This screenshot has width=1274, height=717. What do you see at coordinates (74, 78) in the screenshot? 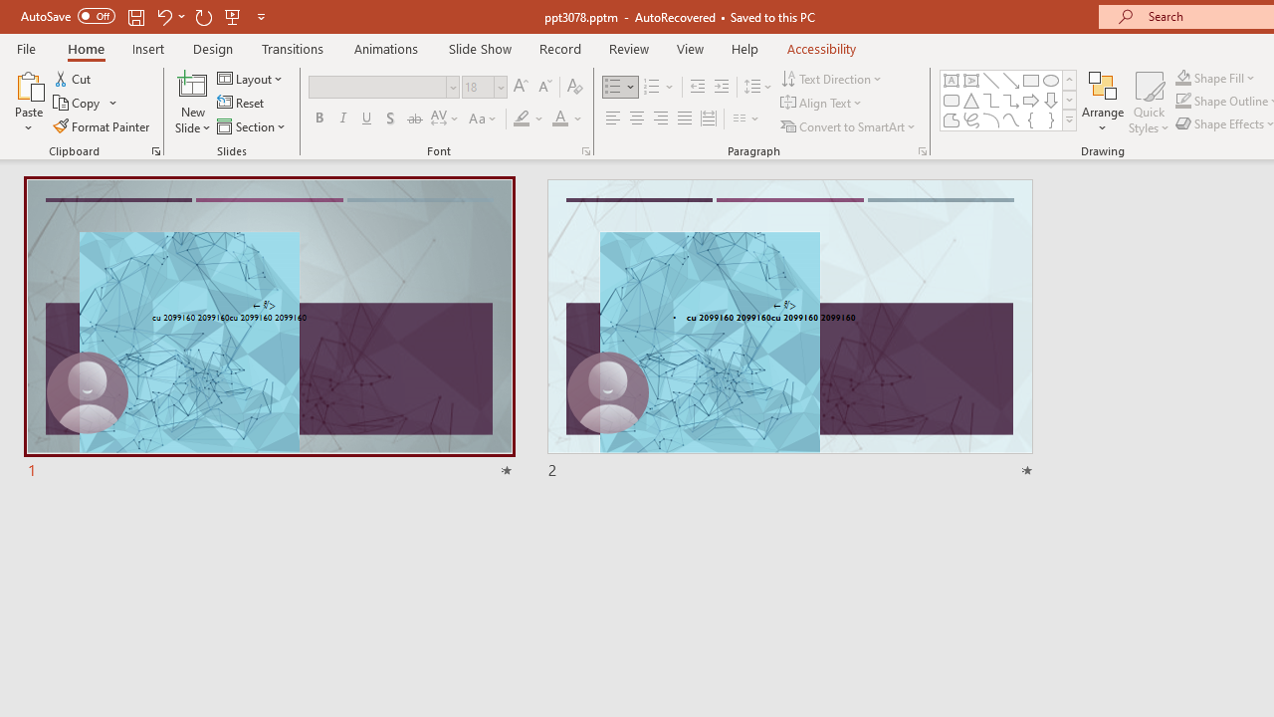
I see `'Cut'` at bounding box center [74, 78].